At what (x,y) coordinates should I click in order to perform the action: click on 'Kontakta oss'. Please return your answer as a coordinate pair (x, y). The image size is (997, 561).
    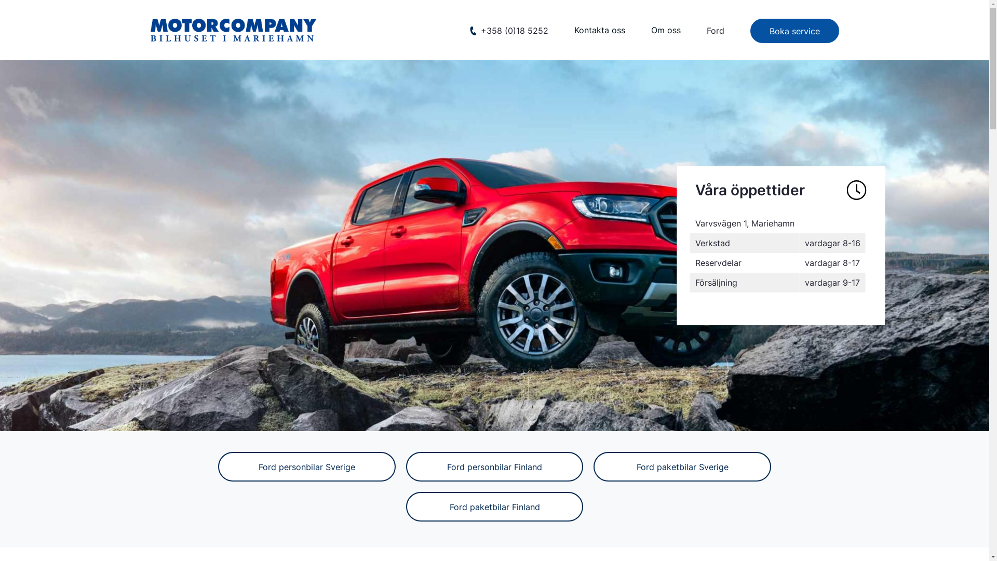
    Looking at the image, I should click on (600, 30).